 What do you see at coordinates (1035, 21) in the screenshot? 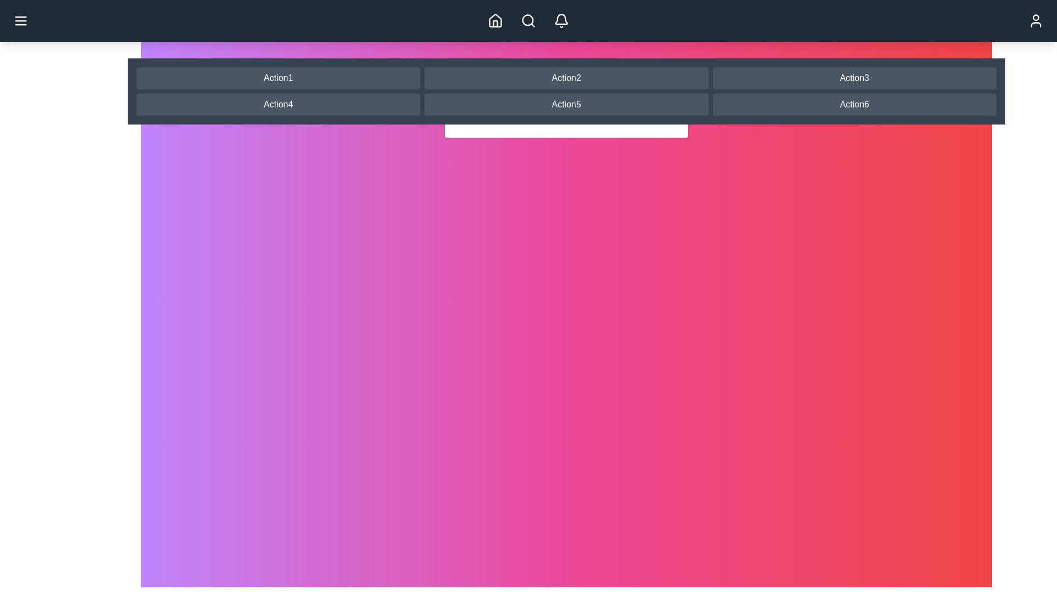
I see `the user profile button located at the top-right corner of the app bar` at bounding box center [1035, 21].